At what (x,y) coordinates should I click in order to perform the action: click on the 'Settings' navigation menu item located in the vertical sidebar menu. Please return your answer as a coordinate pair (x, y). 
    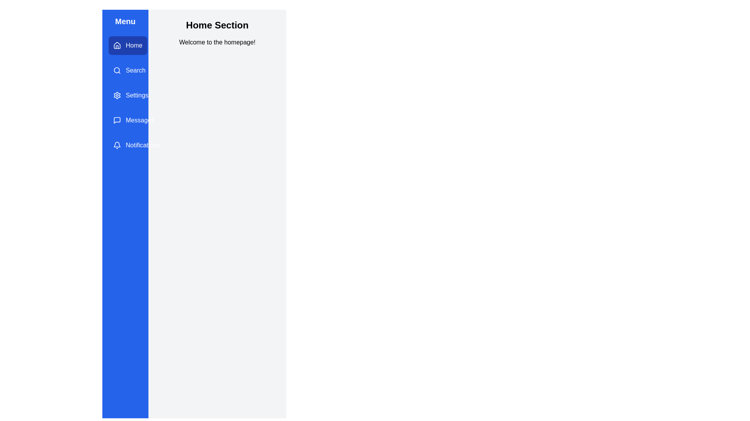
    Looking at the image, I should click on (130, 95).